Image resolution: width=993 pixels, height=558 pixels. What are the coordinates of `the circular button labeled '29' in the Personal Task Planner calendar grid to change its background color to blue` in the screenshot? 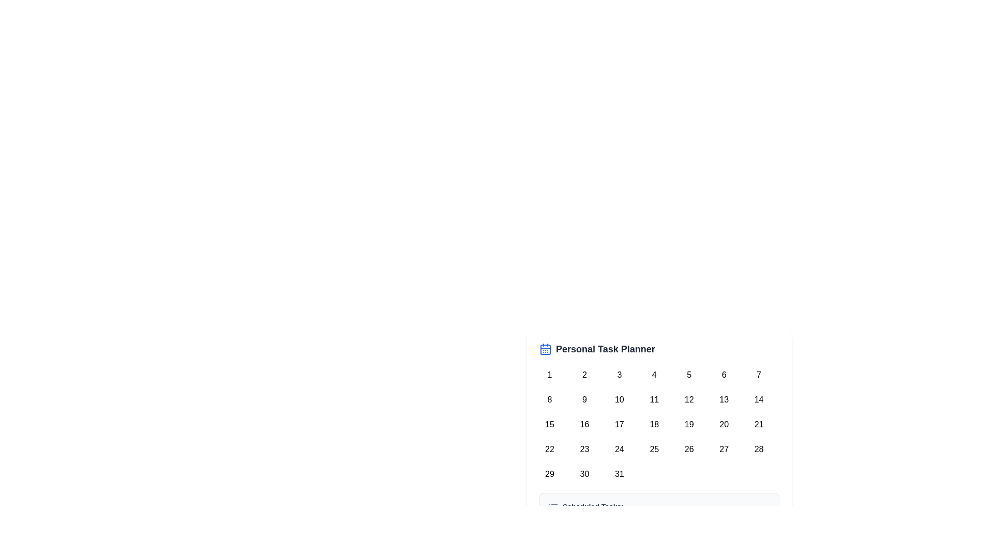 It's located at (549, 474).